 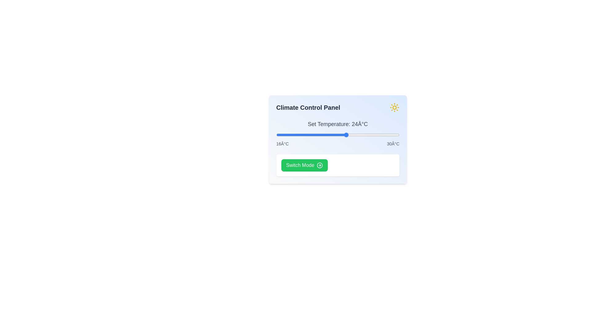 I want to click on the circular handle of the blue range slider located below the label 'Set Temperature: 24°C', so click(x=337, y=135).